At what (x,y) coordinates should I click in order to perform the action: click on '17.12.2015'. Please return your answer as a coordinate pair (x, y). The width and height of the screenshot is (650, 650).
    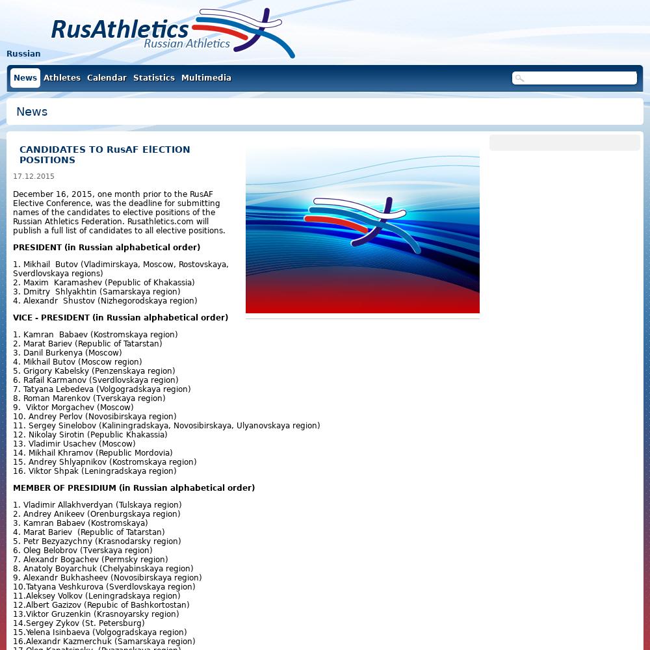
    Looking at the image, I should click on (13, 176).